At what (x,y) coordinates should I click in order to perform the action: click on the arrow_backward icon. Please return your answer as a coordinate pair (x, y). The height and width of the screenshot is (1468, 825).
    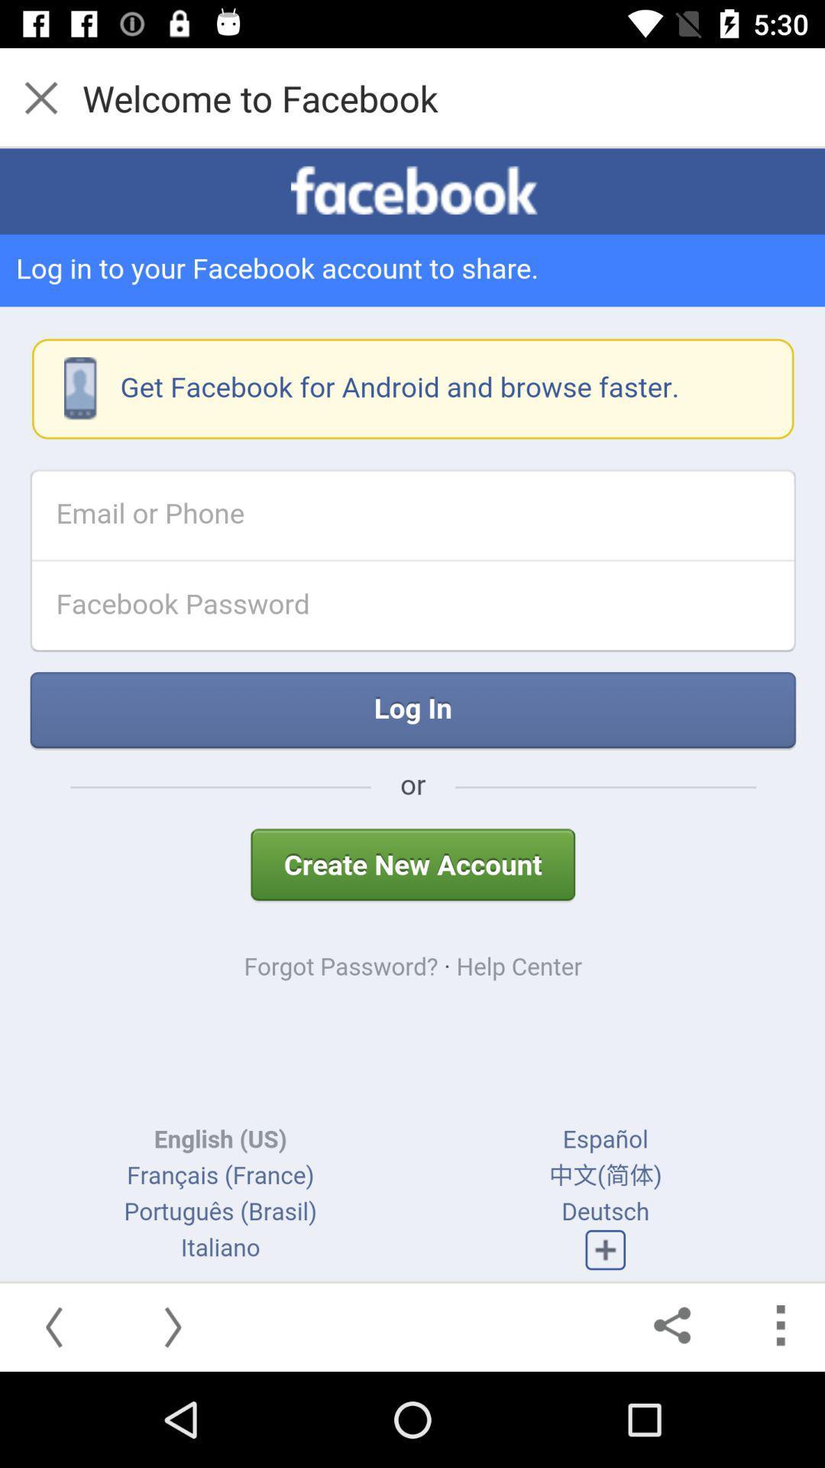
    Looking at the image, I should click on (56, 1325).